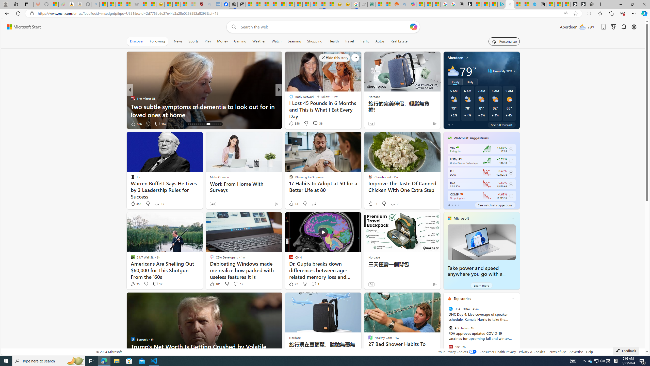 This screenshot has width=650, height=366. What do you see at coordinates (399, 41) in the screenshot?
I see `'Real Estate'` at bounding box center [399, 41].